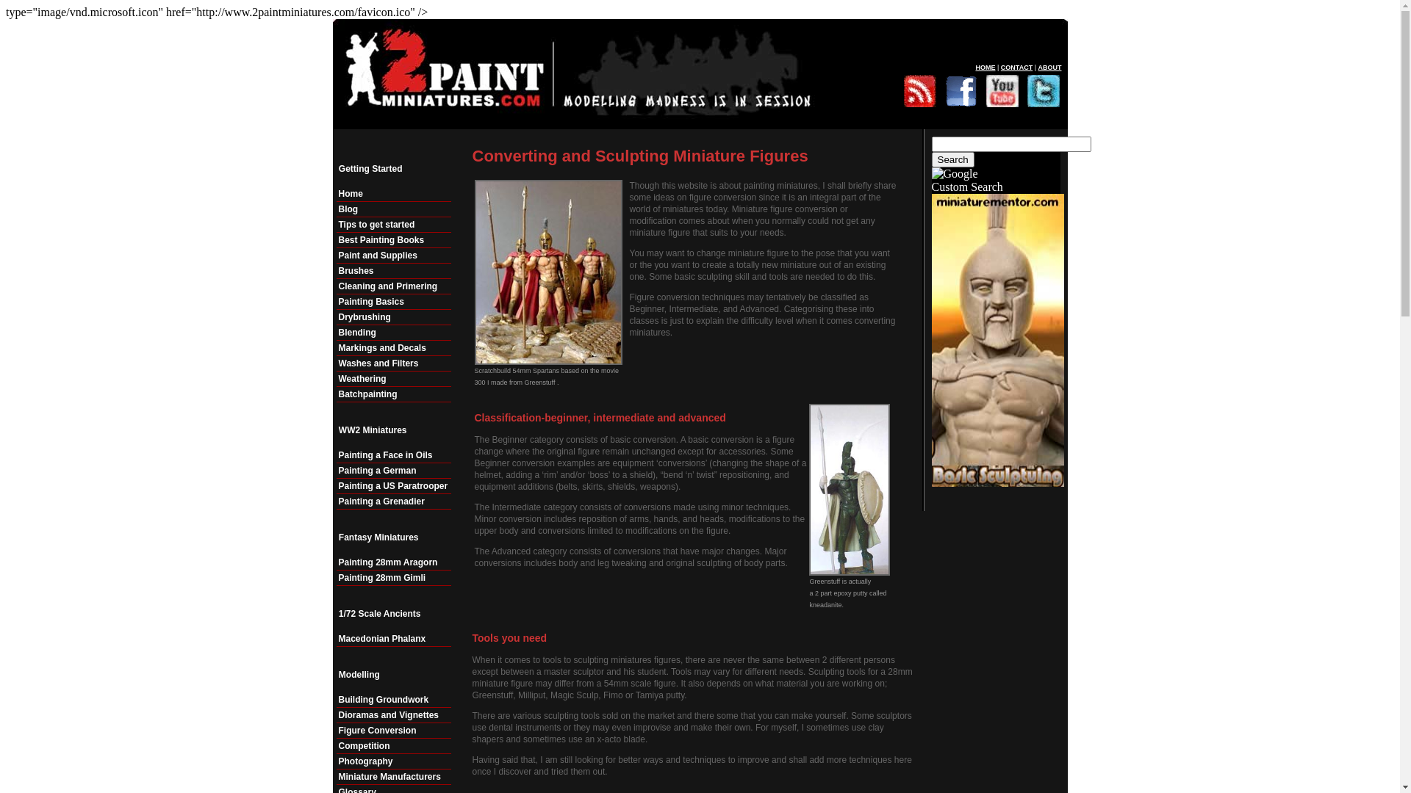  I want to click on 'Painting 28mm Gimli', so click(394, 577).